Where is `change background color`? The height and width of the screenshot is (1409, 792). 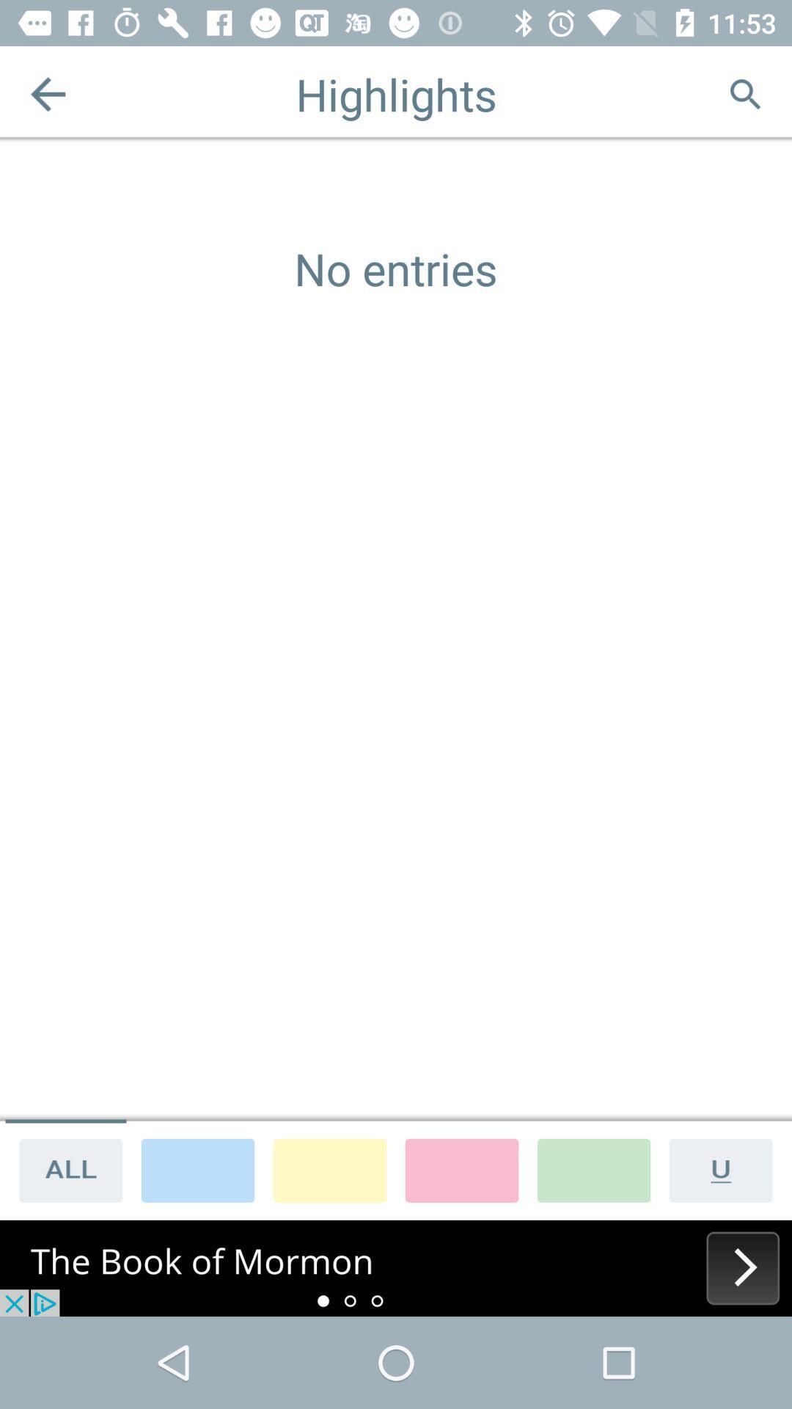 change background color is located at coordinates (330, 1169).